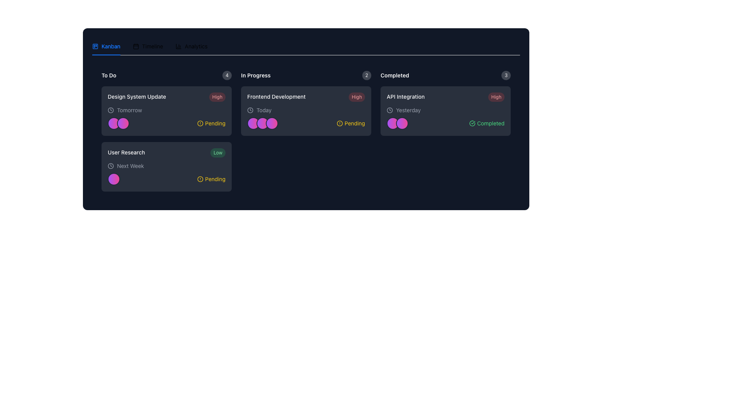  Describe the element at coordinates (402, 123) in the screenshot. I see `the second circle in the pair located on the right side of the 'Completed' section card labeled 'API Integration'` at that location.